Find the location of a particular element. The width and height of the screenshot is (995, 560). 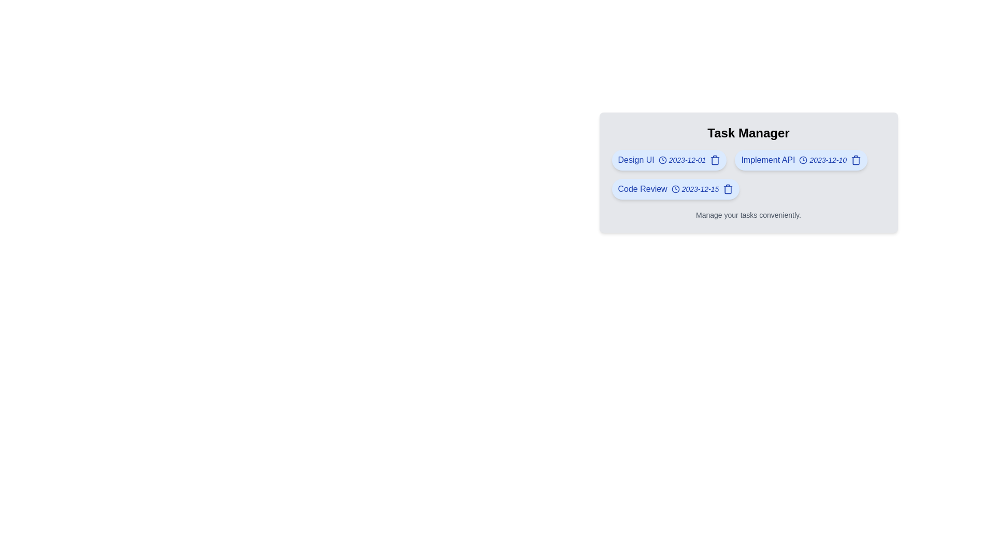

the trash icon to remove the task named Code Review is located at coordinates (728, 189).